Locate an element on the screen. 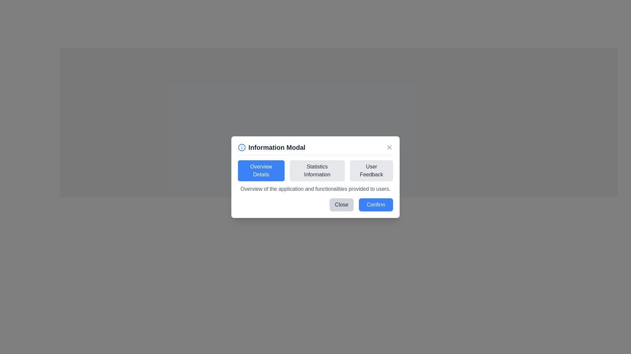 The height and width of the screenshot is (354, 631). the static text located in the modal window beneath the navigational buttons labeled 'Overview Details', 'Statistics Information', and 'User Feedback'. This text spans the full width of the modal content area is located at coordinates (315, 176).